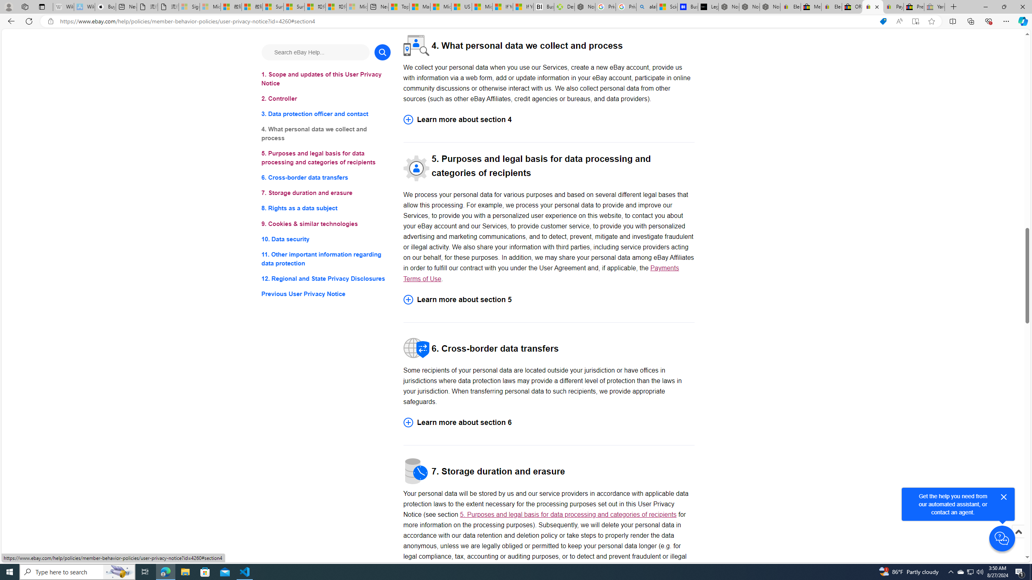  Describe the element at coordinates (209, 6) in the screenshot. I see `'Microsoft Services Agreement - Sleeping'` at that location.